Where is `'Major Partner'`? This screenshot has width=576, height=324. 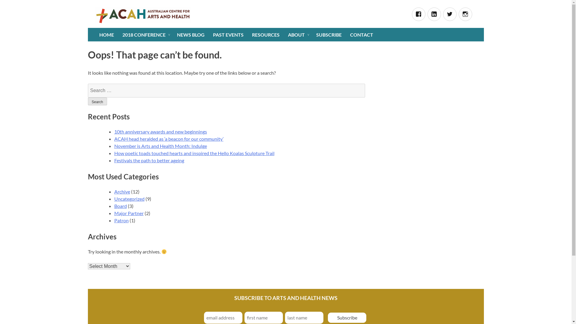 'Major Partner' is located at coordinates (128, 213).